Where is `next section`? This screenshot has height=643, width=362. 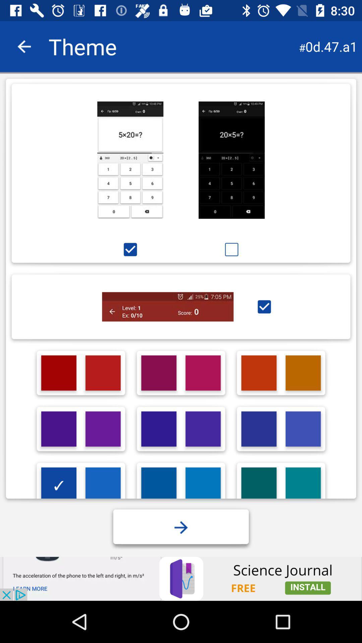
next section is located at coordinates (181, 527).